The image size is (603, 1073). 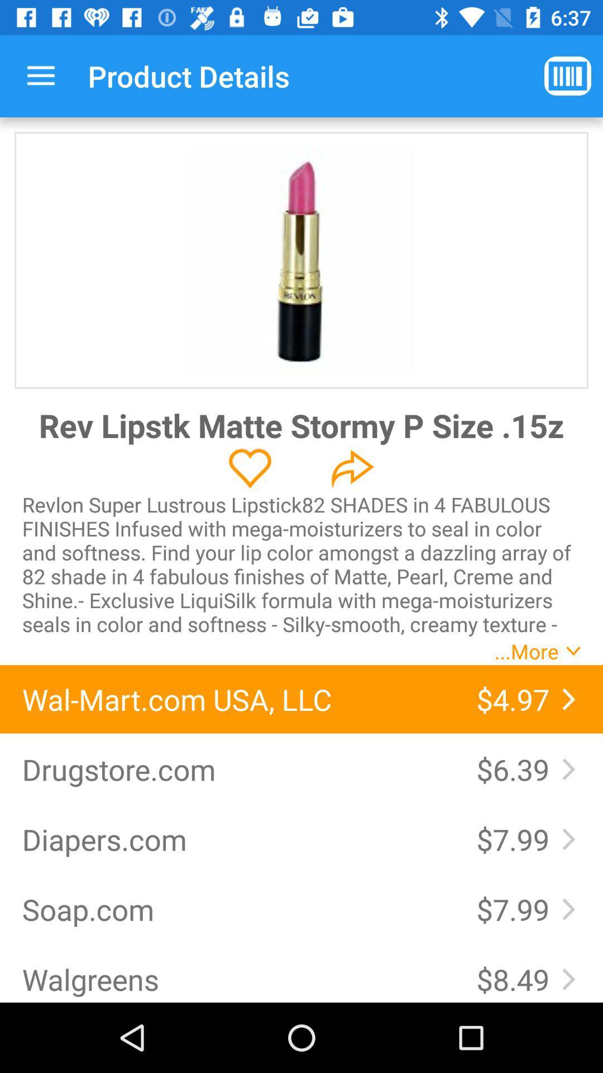 What do you see at coordinates (237, 699) in the screenshot?
I see `wal mart com` at bounding box center [237, 699].